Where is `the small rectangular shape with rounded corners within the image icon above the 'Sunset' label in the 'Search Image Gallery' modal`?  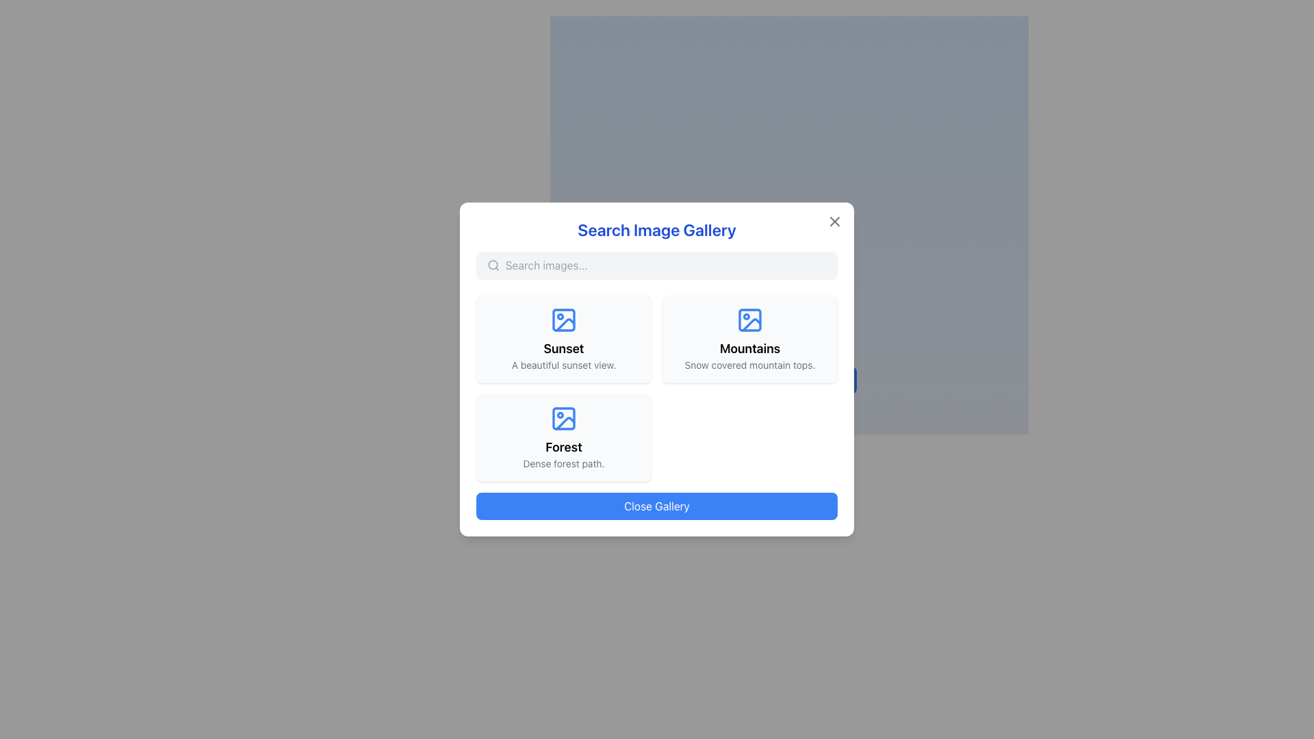
the small rectangular shape with rounded corners within the image icon above the 'Sunset' label in the 'Search Image Gallery' modal is located at coordinates (564, 320).